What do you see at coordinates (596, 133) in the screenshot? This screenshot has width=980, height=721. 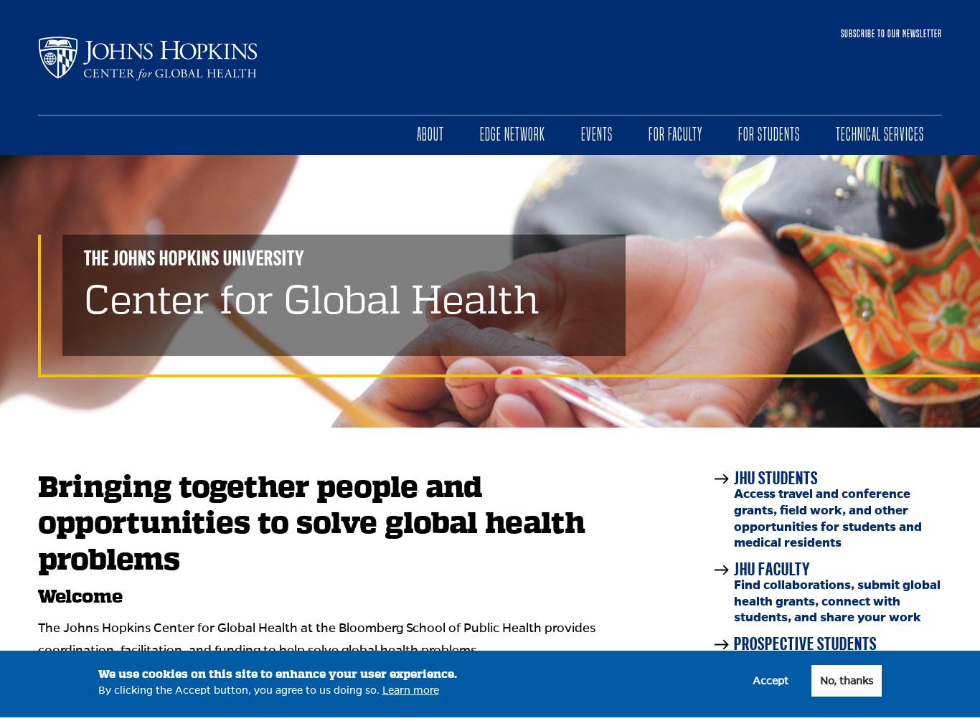 I see `'Events'` at bounding box center [596, 133].